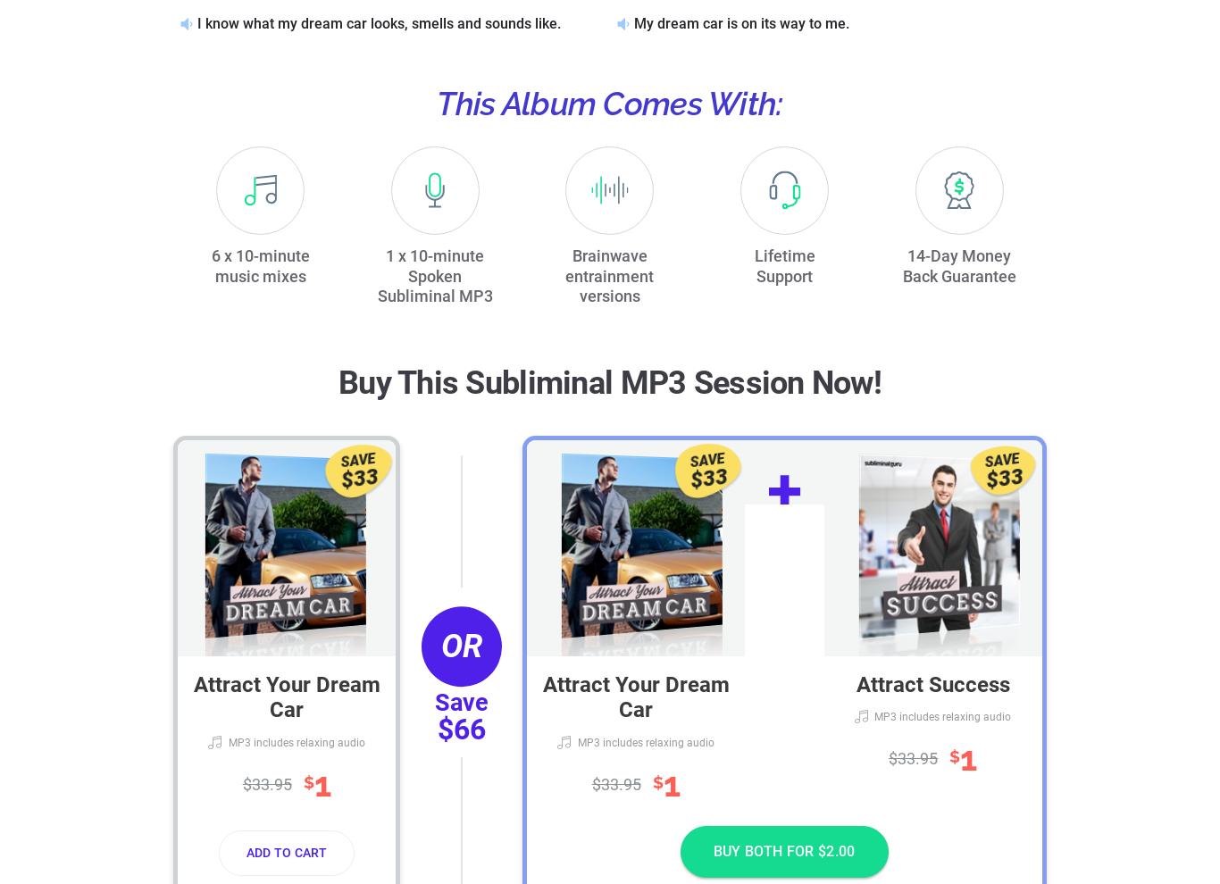 This screenshot has height=884, width=1220. I want to click on 'Buy Both for $2.00', so click(783, 851).